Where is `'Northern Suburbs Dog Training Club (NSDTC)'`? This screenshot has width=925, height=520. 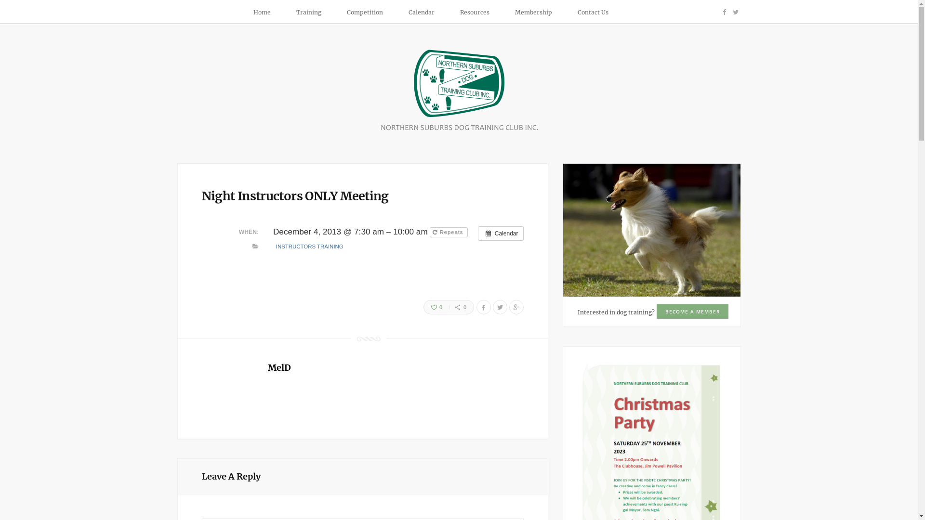
'Northern Suburbs Dog Training Club (NSDTC)' is located at coordinates (459, 130).